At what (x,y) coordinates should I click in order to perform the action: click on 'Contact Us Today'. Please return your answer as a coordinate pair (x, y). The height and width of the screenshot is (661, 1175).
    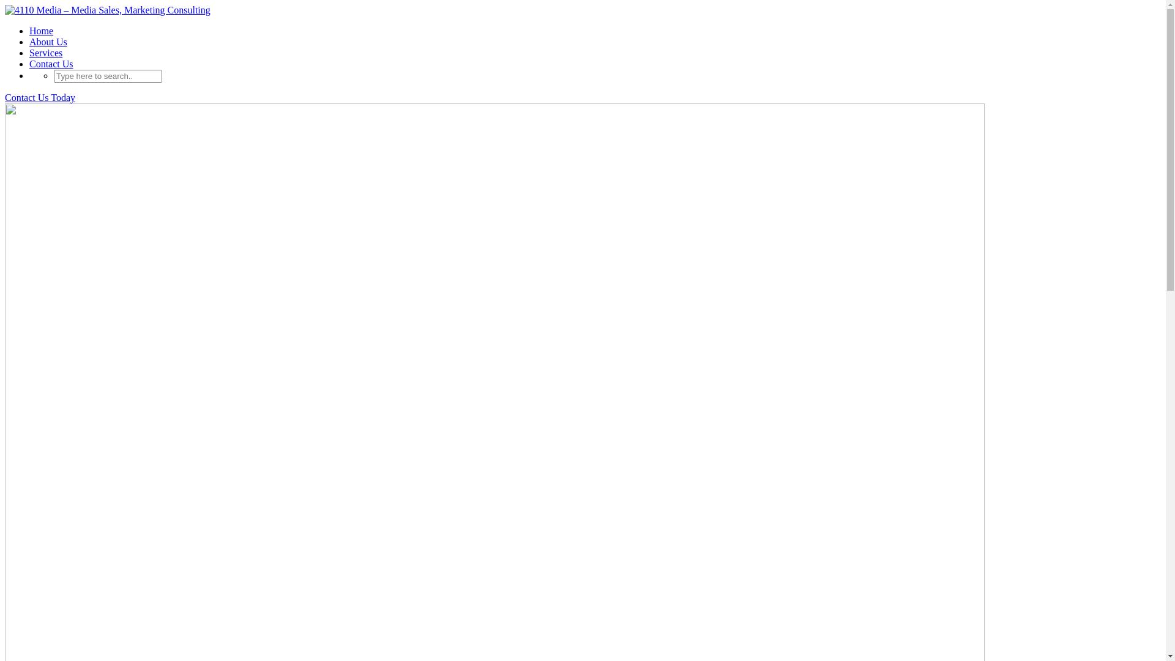
    Looking at the image, I should click on (40, 97).